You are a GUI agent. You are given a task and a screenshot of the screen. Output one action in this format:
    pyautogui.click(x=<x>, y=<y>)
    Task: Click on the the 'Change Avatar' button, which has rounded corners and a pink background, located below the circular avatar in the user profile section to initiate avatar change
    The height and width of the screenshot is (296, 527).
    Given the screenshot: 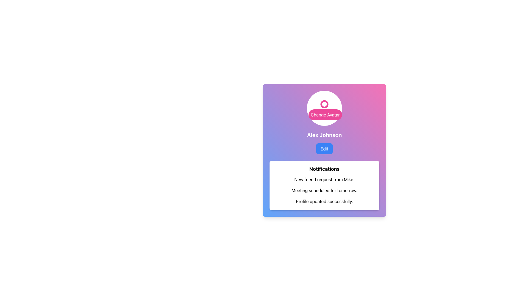 What is the action you would take?
    pyautogui.click(x=325, y=115)
    